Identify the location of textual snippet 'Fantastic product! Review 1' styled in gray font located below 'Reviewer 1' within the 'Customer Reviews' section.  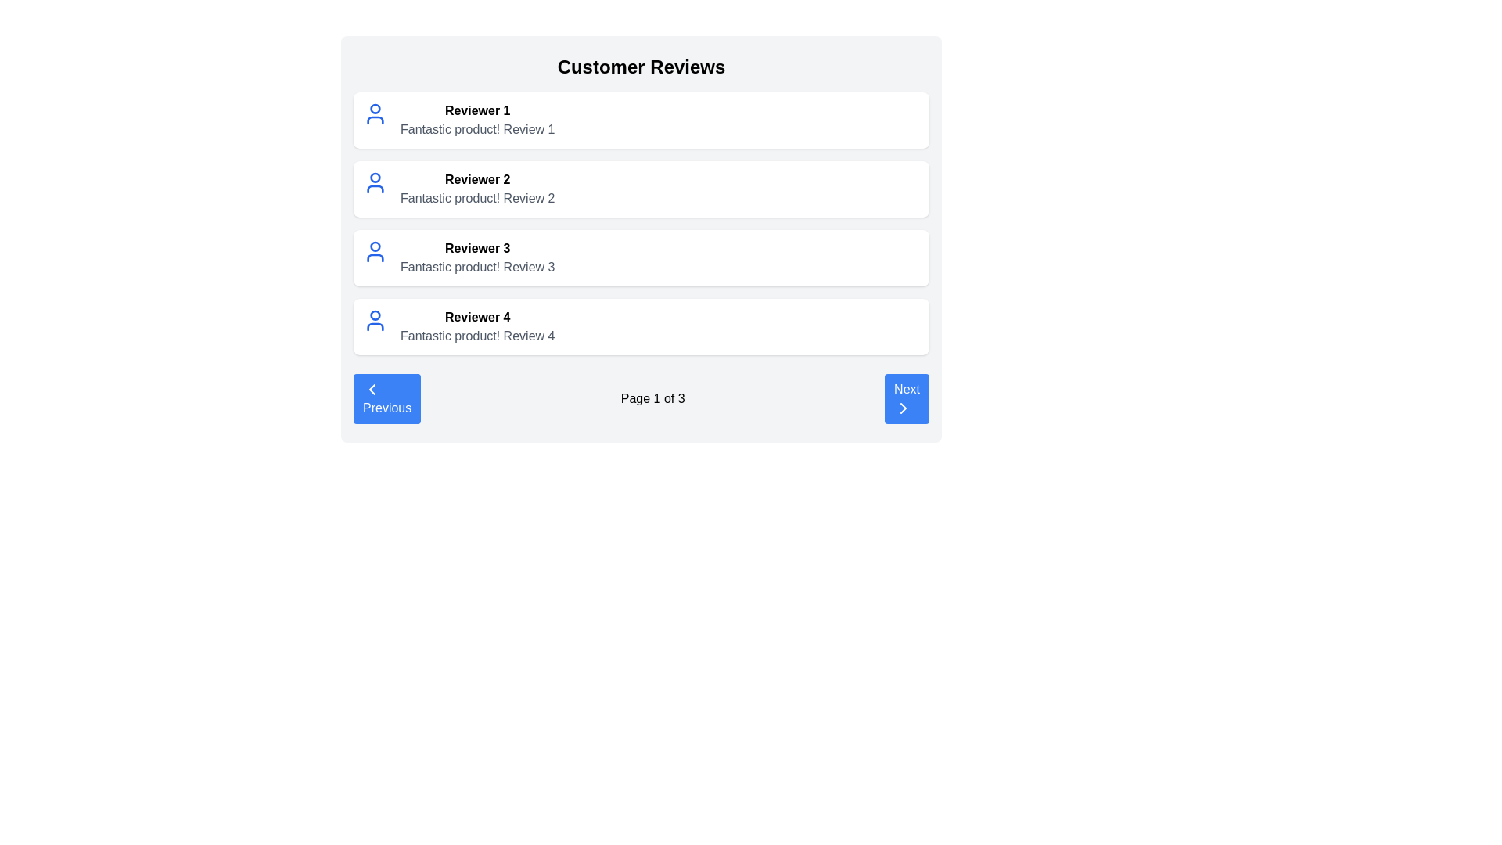
(476, 128).